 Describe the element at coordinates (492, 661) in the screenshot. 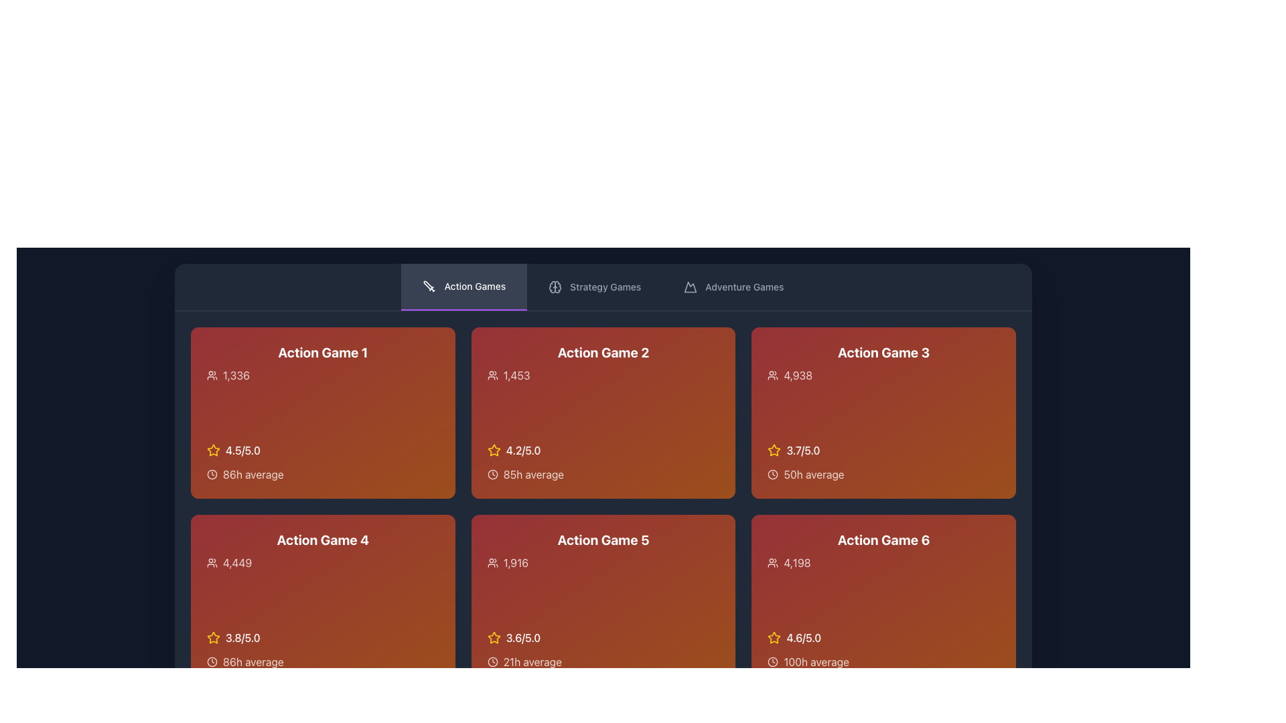

I see `the 'average time' icon associated with '21h average' for the game 'Action Game 5', located in the middle-right card of the grid layout` at that location.